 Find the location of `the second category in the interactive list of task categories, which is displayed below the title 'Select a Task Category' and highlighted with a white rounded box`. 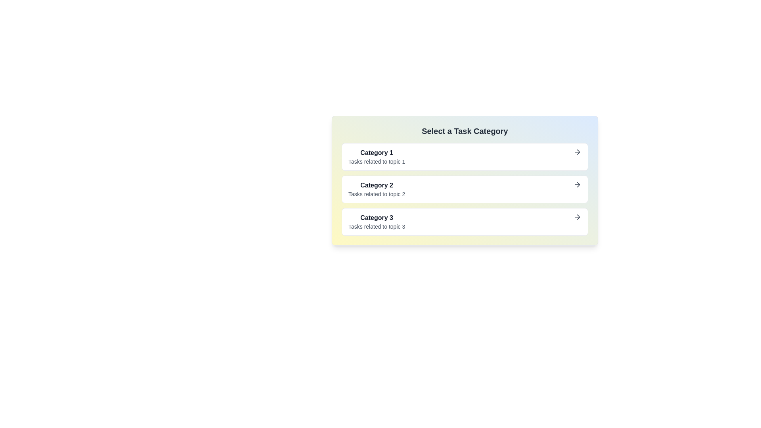

the second category in the interactive list of task categories, which is displayed below the title 'Select a Task Category' and highlighted with a white rounded box is located at coordinates (465, 180).